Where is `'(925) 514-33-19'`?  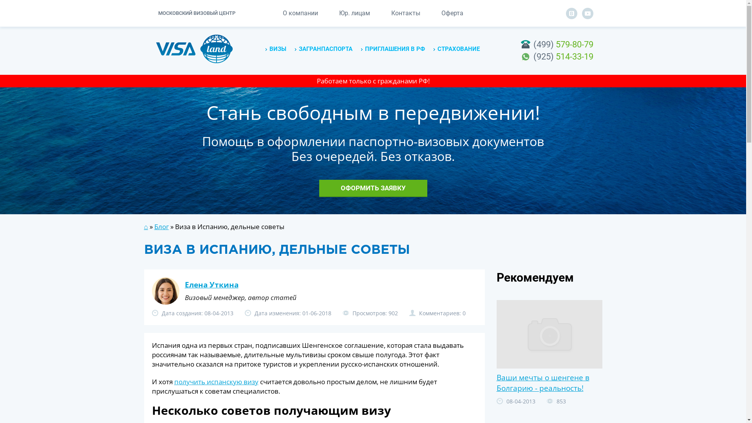
'(925) 514-33-19' is located at coordinates (563, 56).